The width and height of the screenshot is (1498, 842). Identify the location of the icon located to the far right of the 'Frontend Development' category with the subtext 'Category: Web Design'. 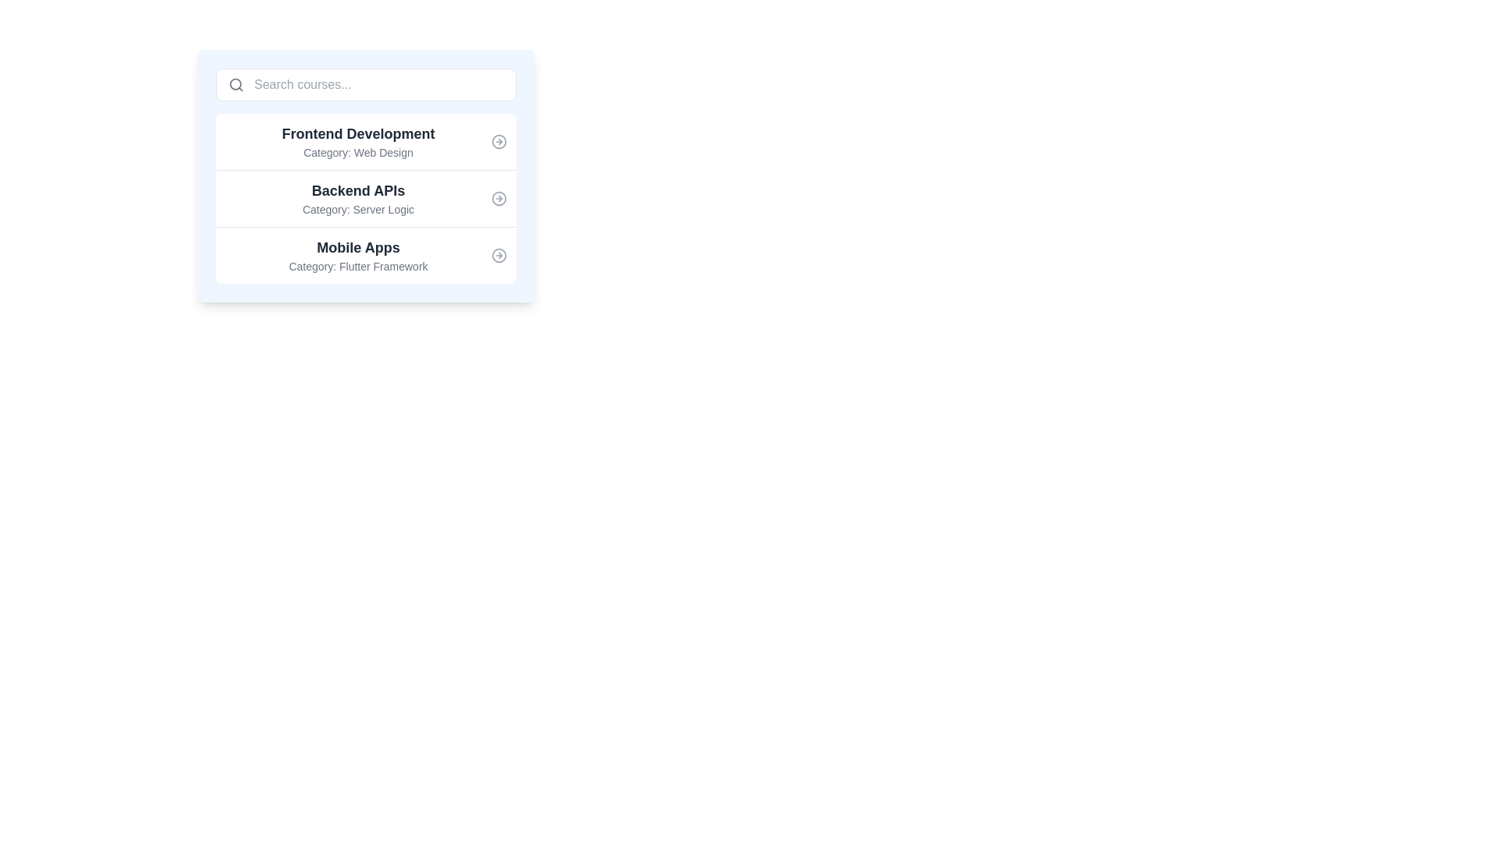
(498, 141).